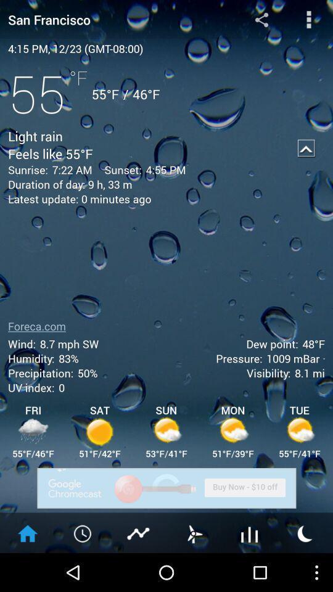 The height and width of the screenshot is (592, 333). What do you see at coordinates (308, 18) in the screenshot?
I see `options` at bounding box center [308, 18].